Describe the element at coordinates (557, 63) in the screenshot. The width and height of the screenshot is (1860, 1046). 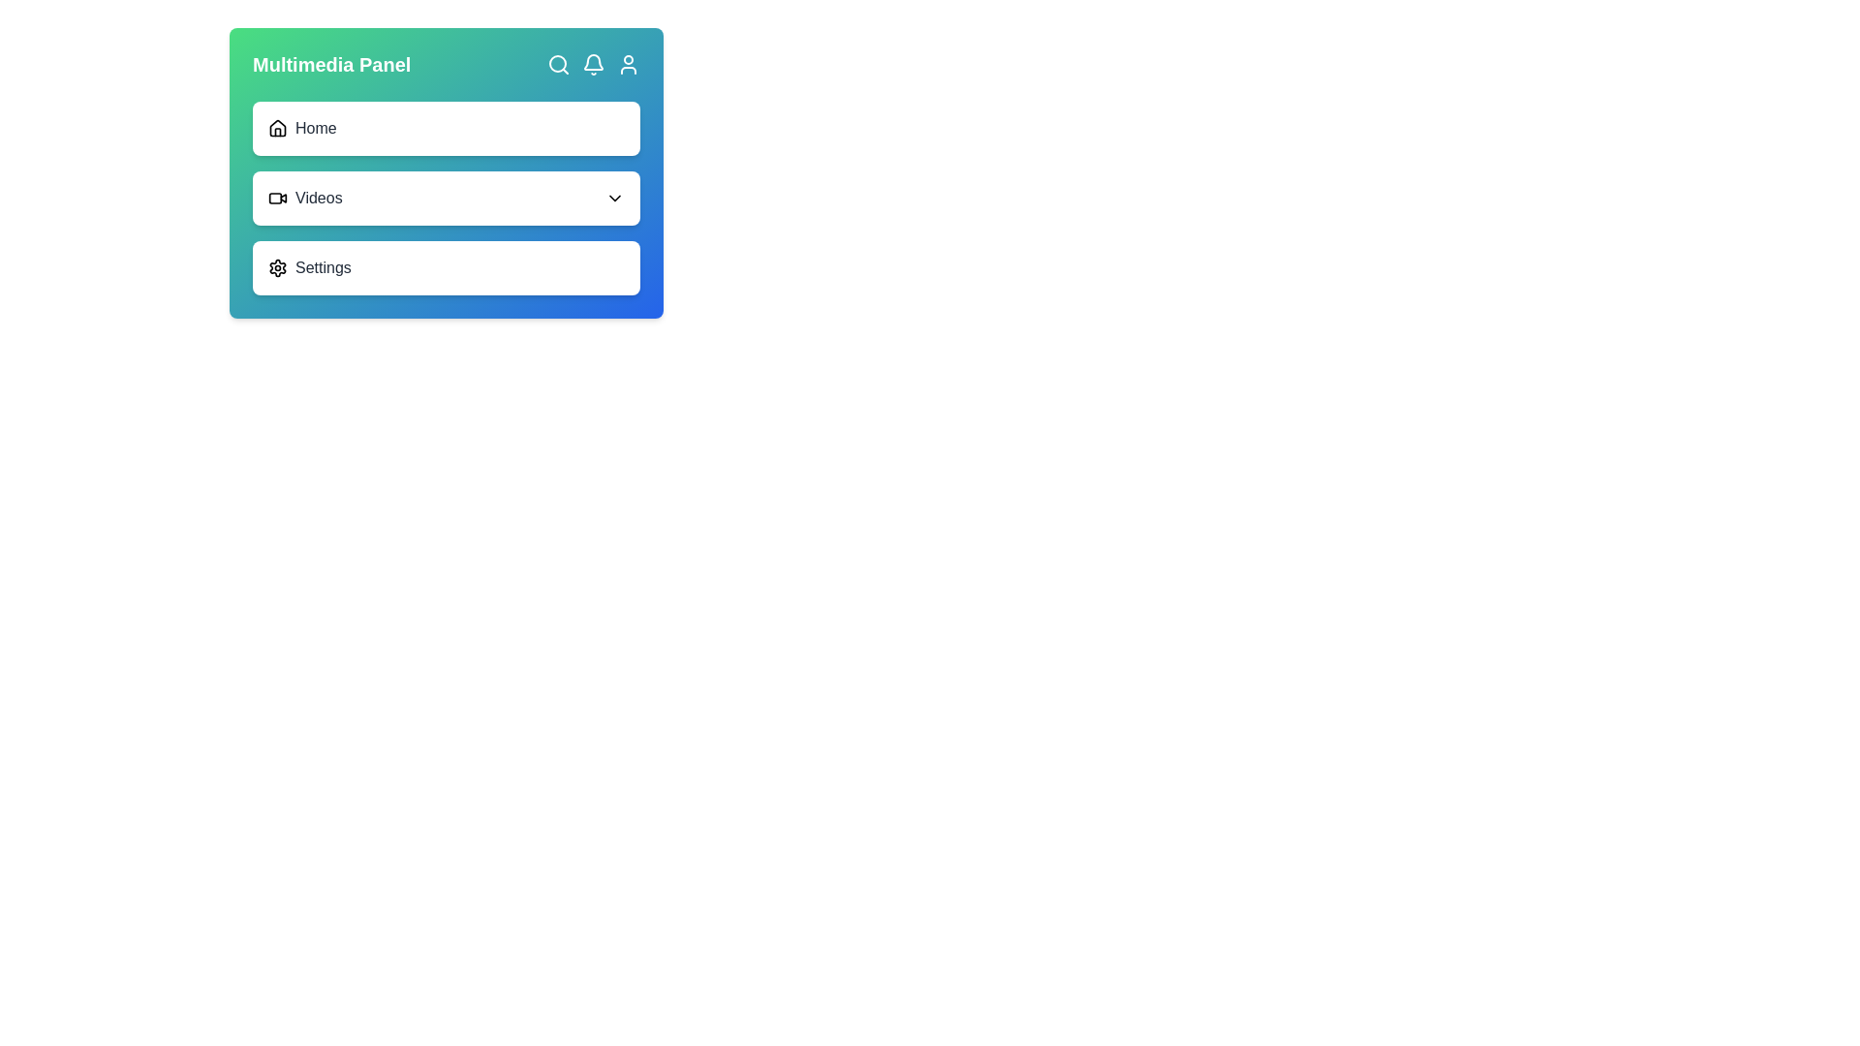
I see `the circular icon button featuring a magnifying glass symbol, located in the top-right section of the interface` at that location.